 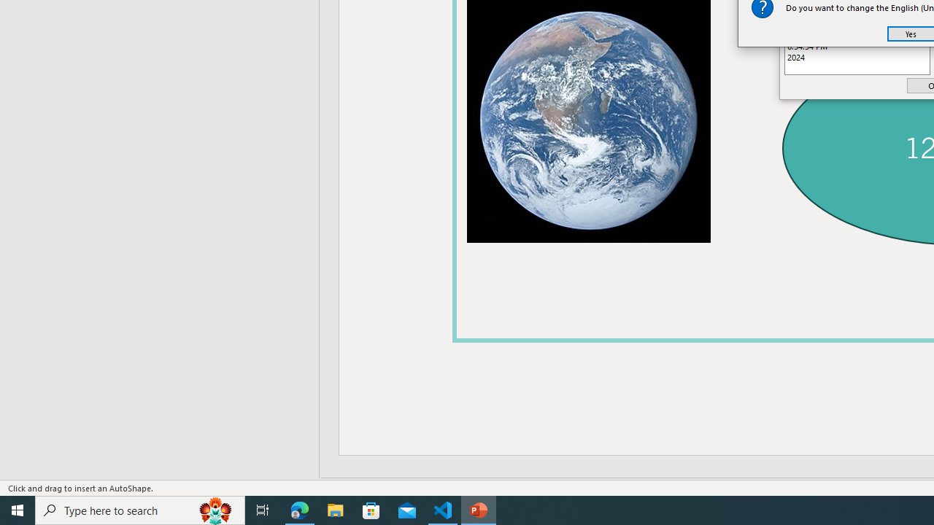 I want to click on 'Microsoft Edge - 1 running window', so click(x=299, y=509).